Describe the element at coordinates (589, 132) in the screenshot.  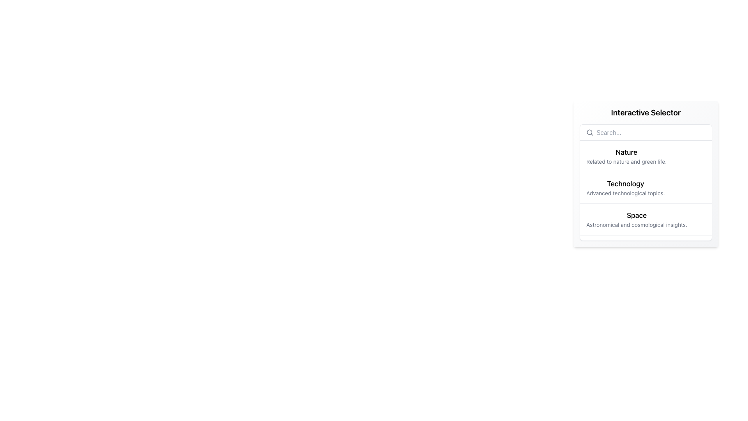
I see `the circular part of the search icon with a gray border located at the top-left corner of the search input field adjacent to the placeholder text 'Search...'` at that location.